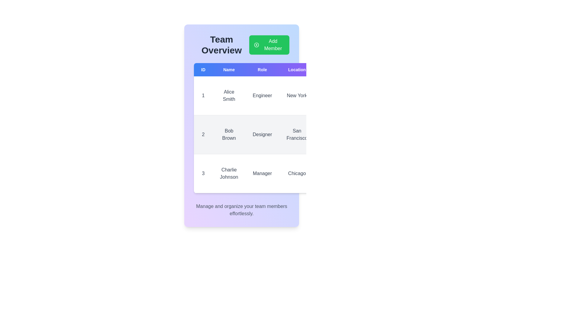 The width and height of the screenshot is (580, 326). Describe the element at coordinates (203, 69) in the screenshot. I see `the 'ID' column represented` at that location.